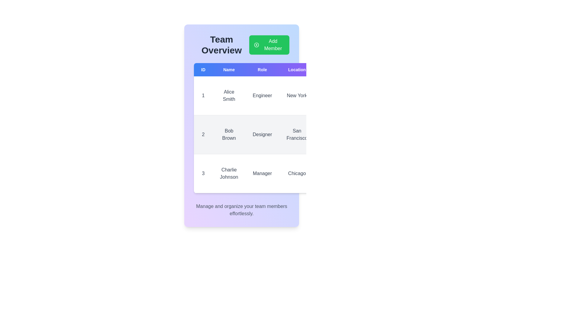 The width and height of the screenshot is (580, 326). Describe the element at coordinates (203, 69) in the screenshot. I see `the 'ID' column represented` at that location.